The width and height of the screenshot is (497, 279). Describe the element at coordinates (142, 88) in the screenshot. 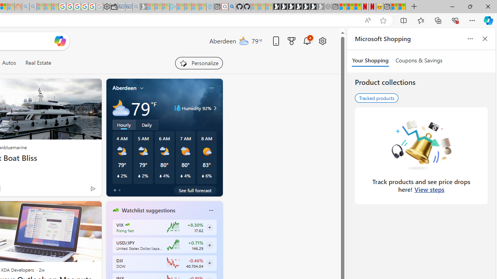

I see `'My location'` at that location.